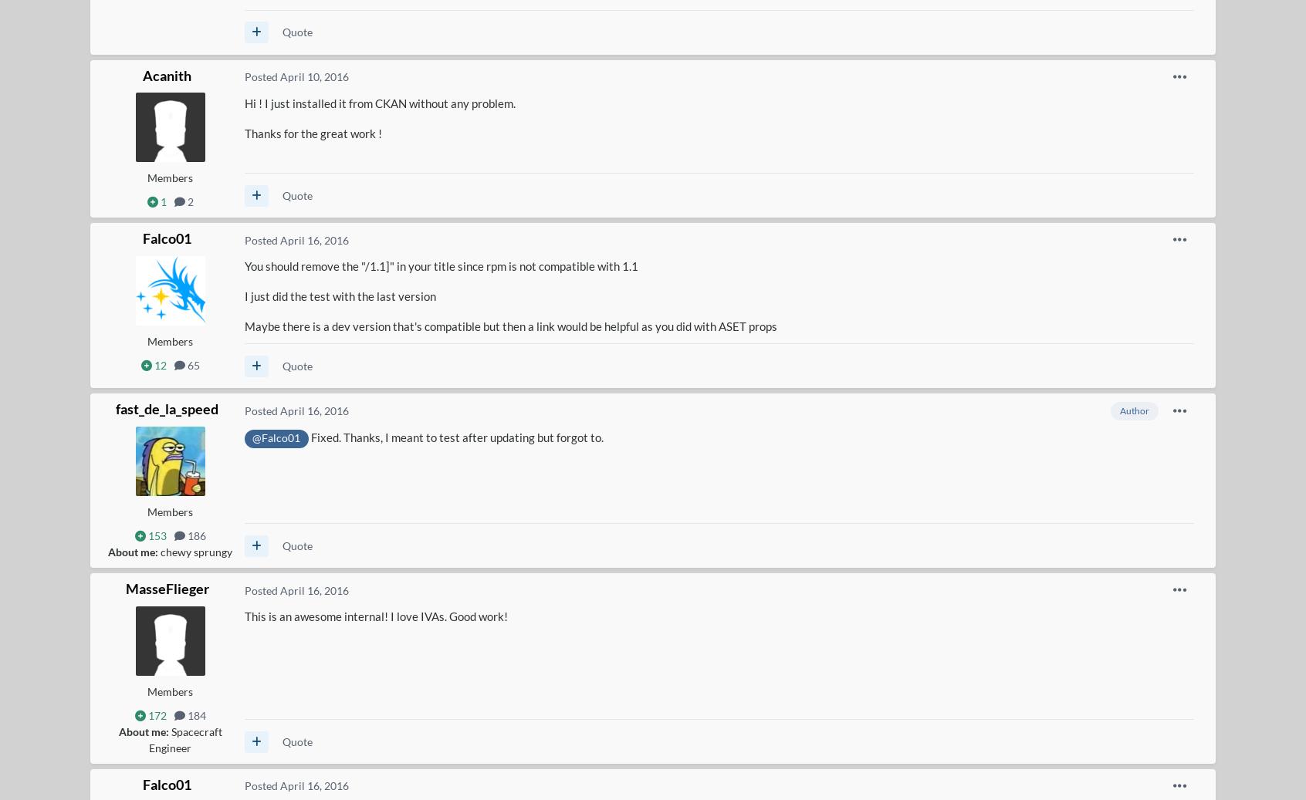  I want to click on 'Fixed. Thanks, I meant to test after updating but forgot to.', so click(455, 437).